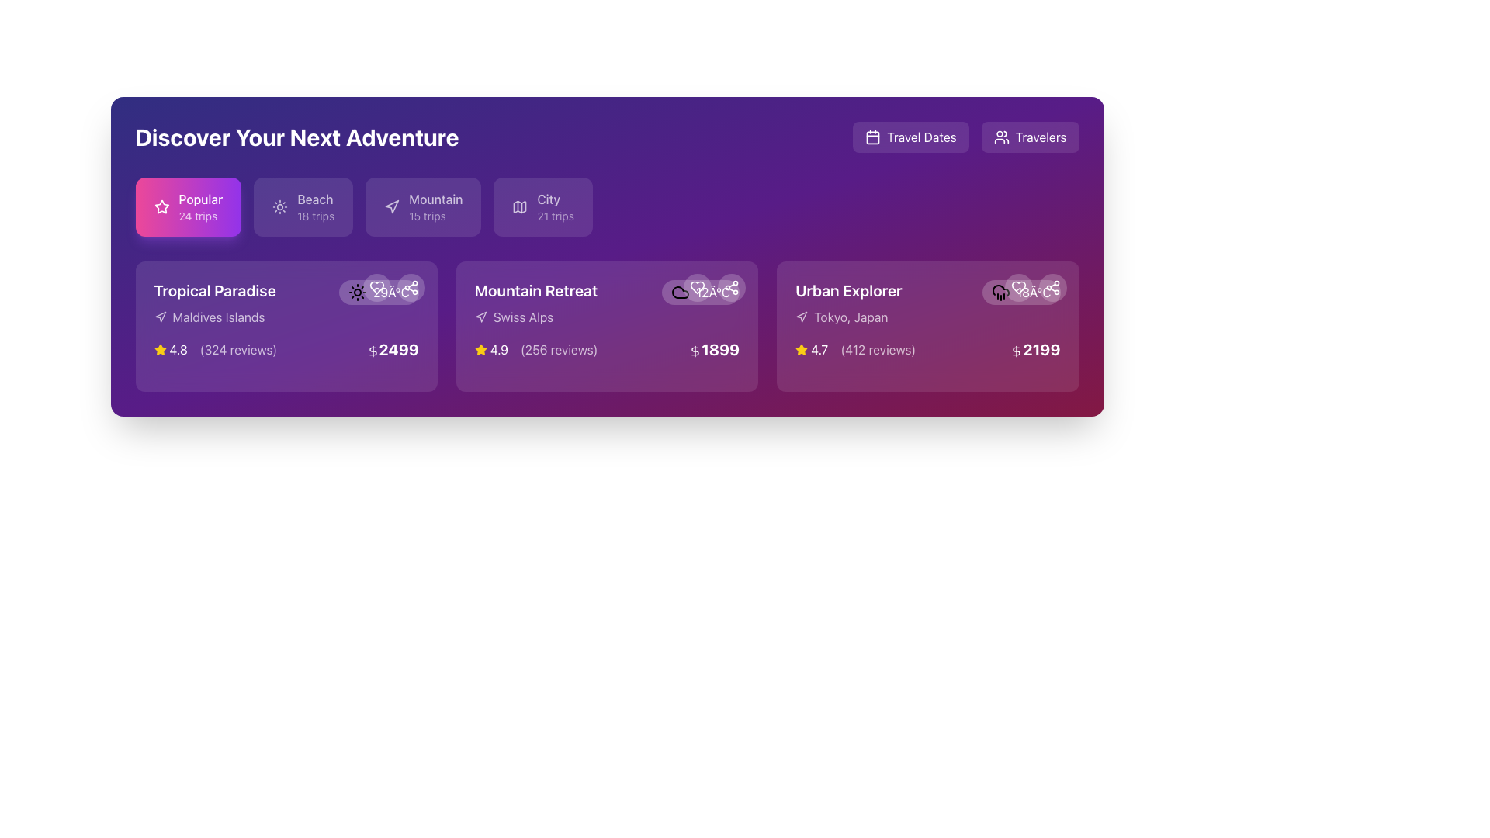  I want to click on the sun icon located in the Beach card, positioned to the left of '18 trips' and above 'Beach', so click(280, 206).